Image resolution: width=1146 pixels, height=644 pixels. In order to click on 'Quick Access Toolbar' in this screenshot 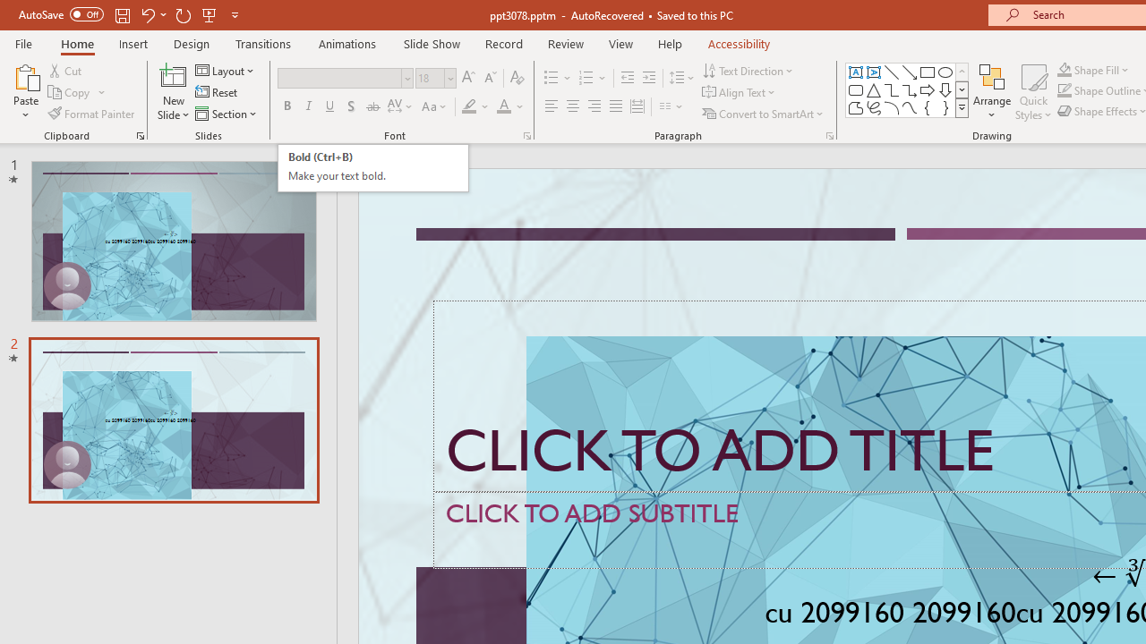, I will do `click(129, 14)`.